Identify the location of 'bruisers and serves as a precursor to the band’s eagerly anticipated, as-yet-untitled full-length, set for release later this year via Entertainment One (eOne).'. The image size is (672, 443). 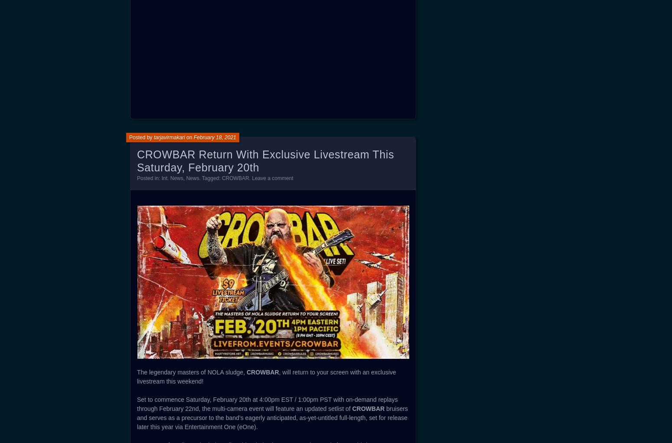
(272, 417).